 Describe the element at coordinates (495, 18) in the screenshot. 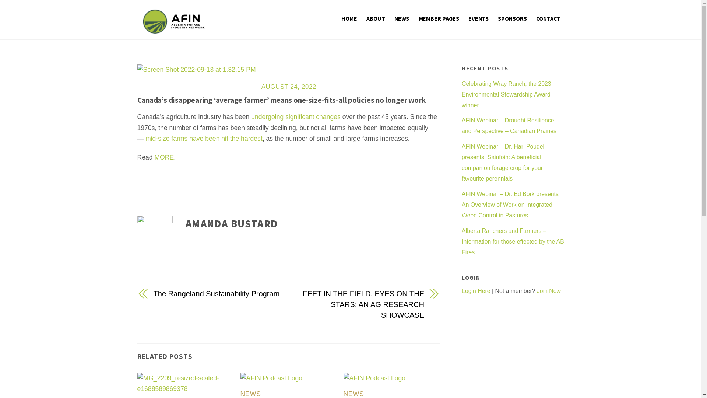

I see `'SPONSORS'` at that location.